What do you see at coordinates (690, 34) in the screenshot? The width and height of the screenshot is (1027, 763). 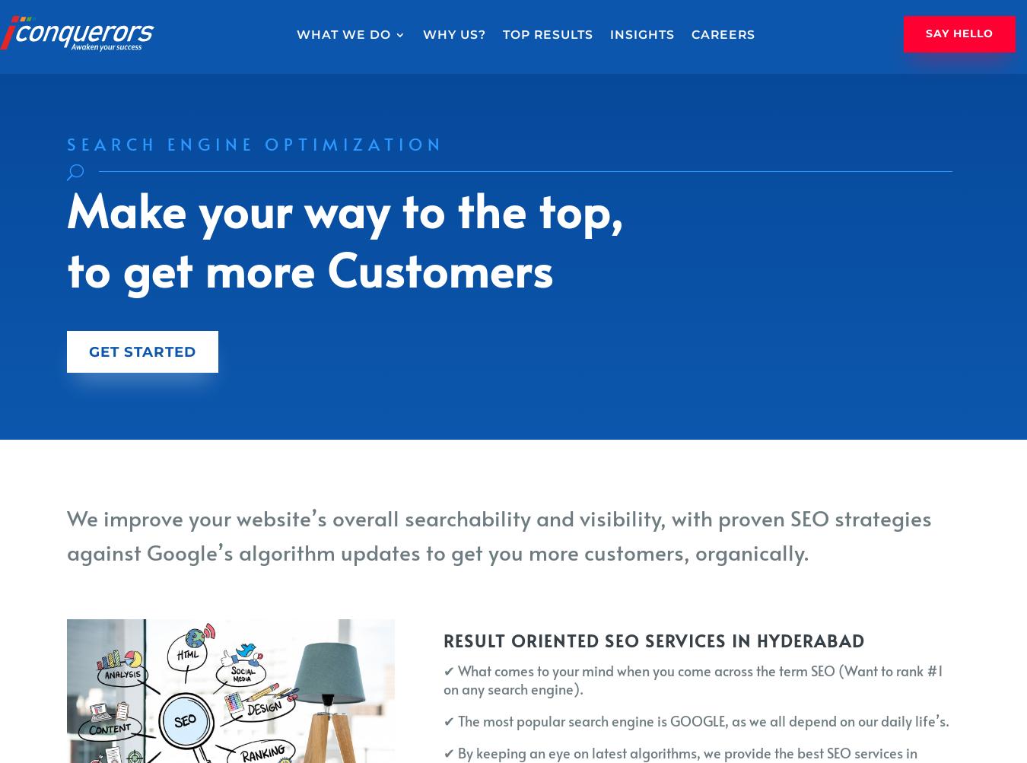 I see `'Careers'` at bounding box center [690, 34].